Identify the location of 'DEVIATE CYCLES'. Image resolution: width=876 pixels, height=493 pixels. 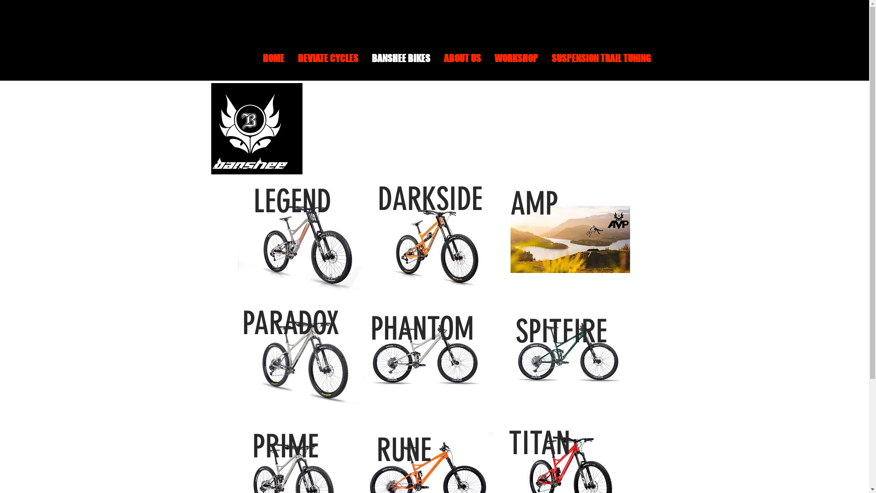
(328, 64).